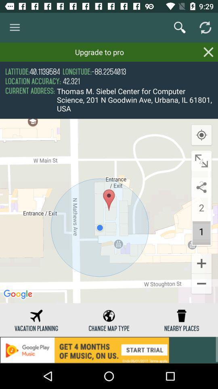 This screenshot has height=389, width=218. What do you see at coordinates (201, 188) in the screenshot?
I see `the share icon` at bounding box center [201, 188].